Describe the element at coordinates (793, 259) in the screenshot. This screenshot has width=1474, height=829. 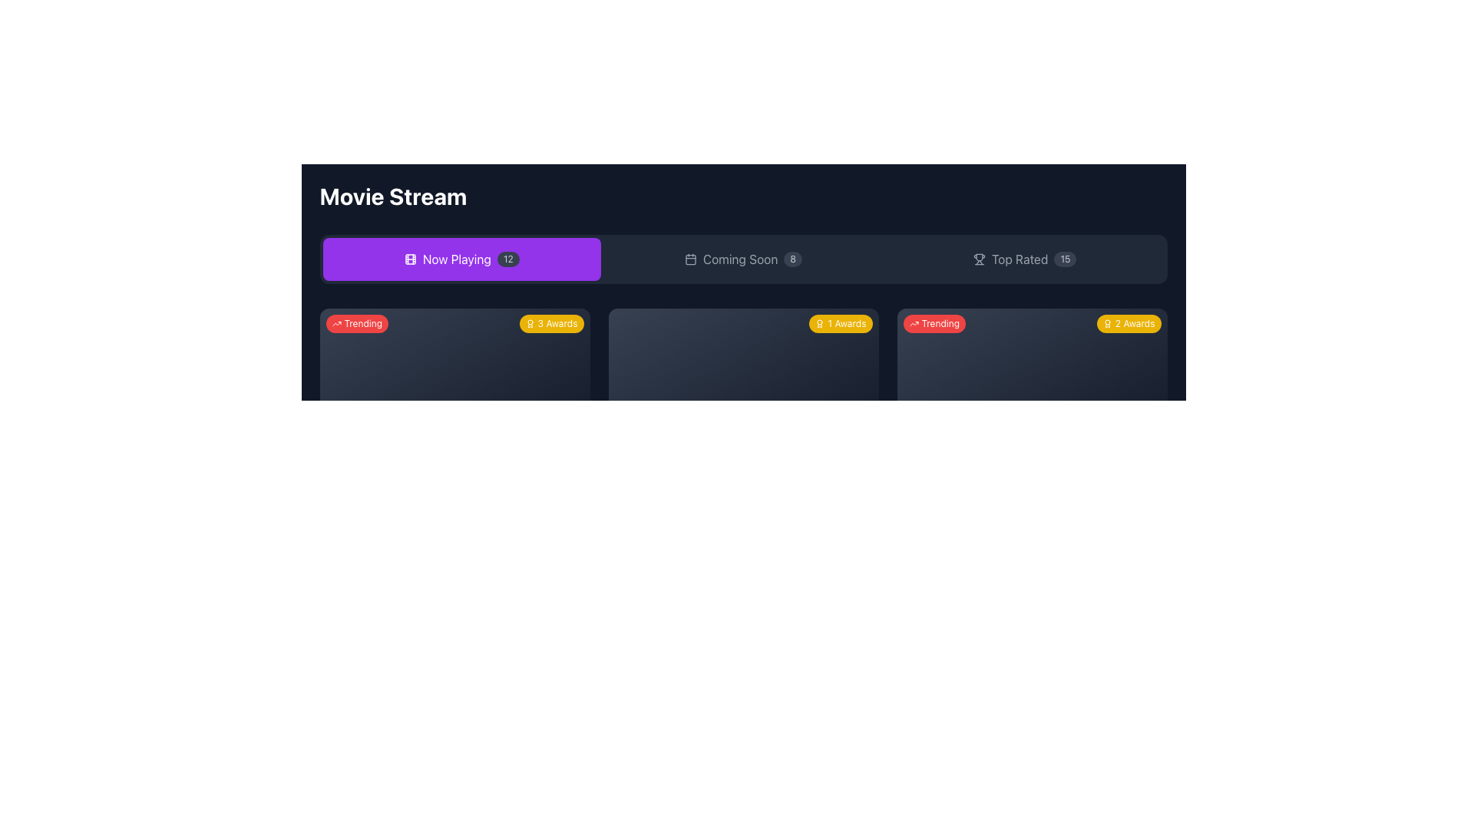
I see `the small circular badge with a dark gray background and light gray text '8', located to the right of the text 'Coming Soon'` at that location.